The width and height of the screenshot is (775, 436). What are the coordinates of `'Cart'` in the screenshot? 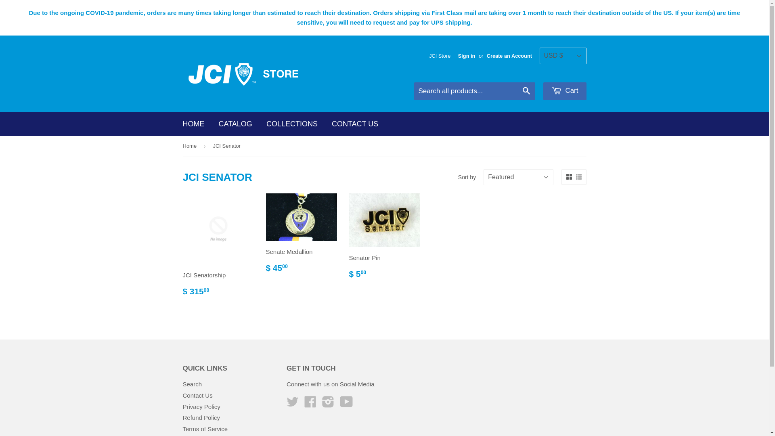 It's located at (564, 91).